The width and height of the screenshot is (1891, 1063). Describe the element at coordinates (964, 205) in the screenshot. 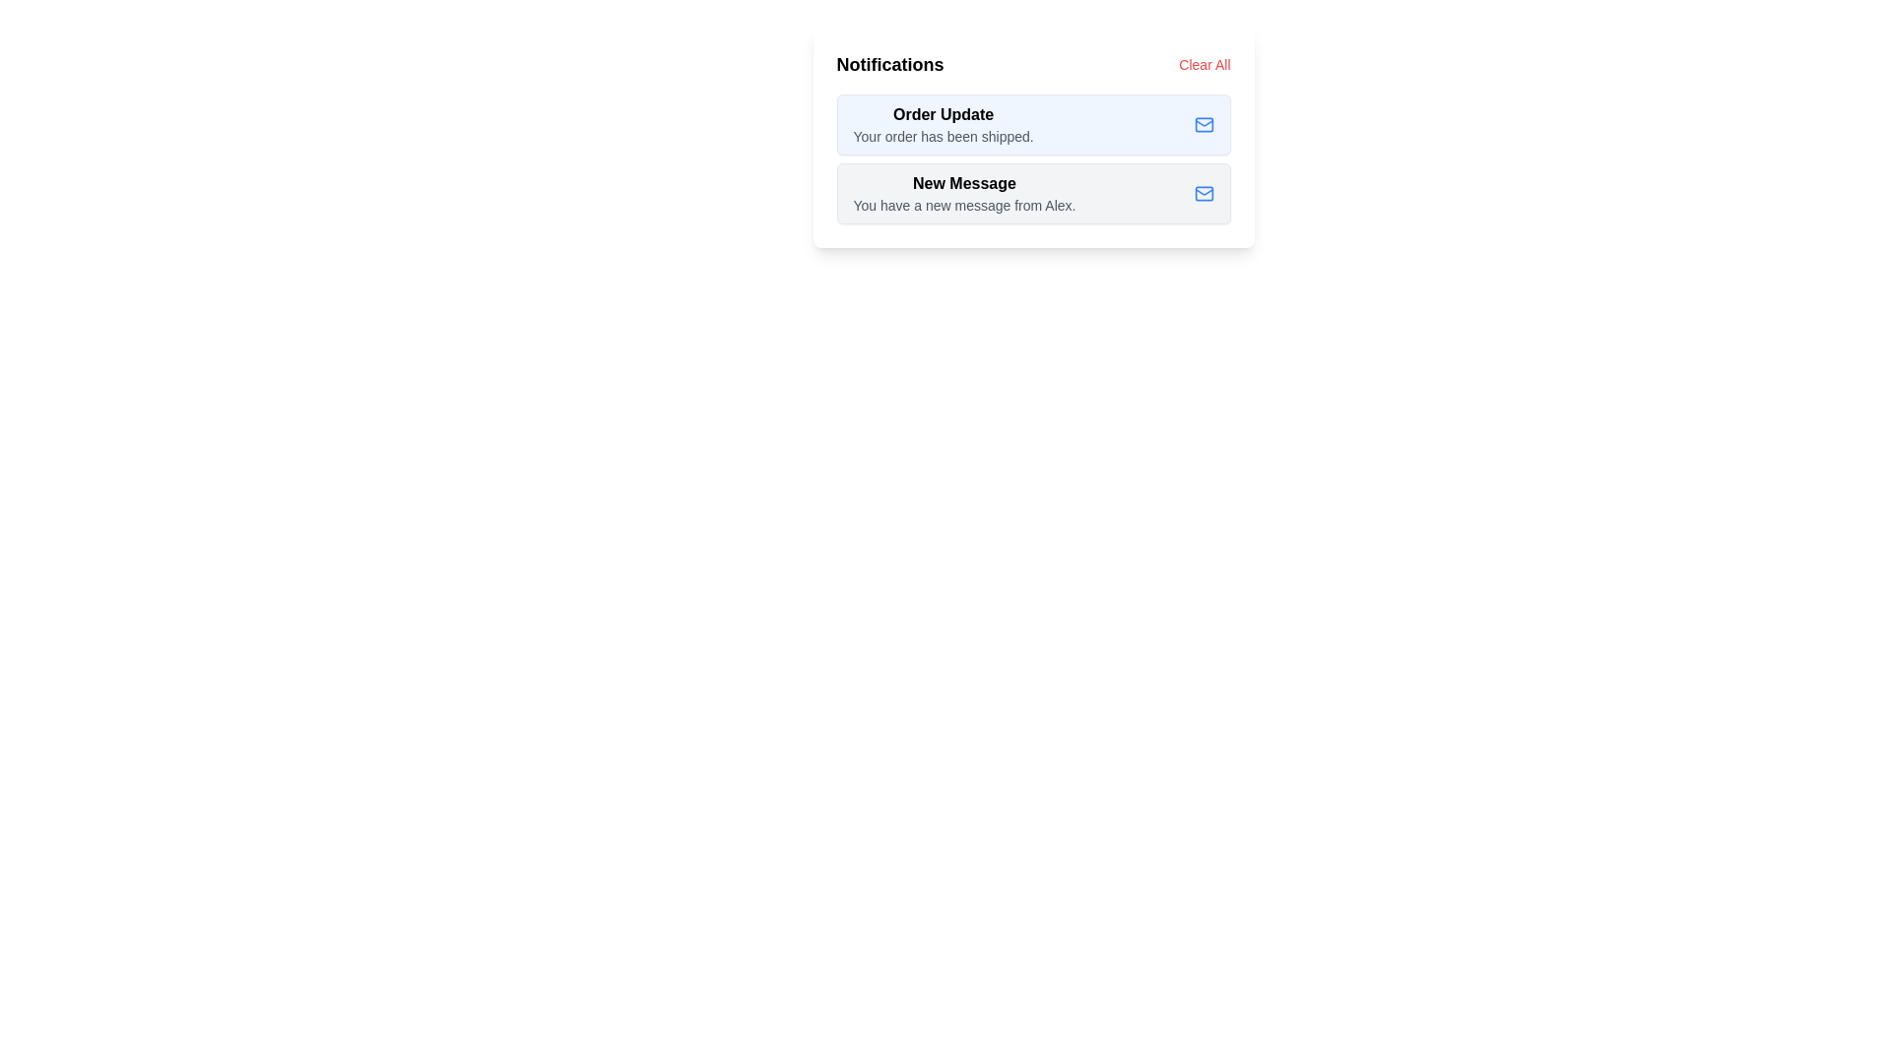

I see `notification description text located below the bold title 'New Message' in the 'Notifications' section` at that location.